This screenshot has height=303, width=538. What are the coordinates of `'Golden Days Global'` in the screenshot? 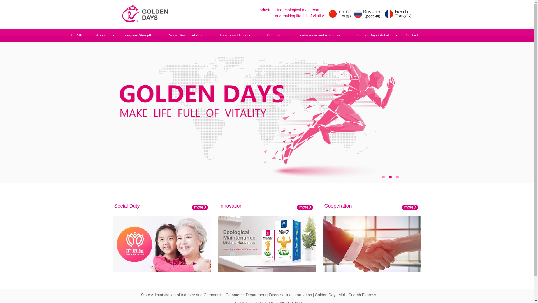 It's located at (348, 35).